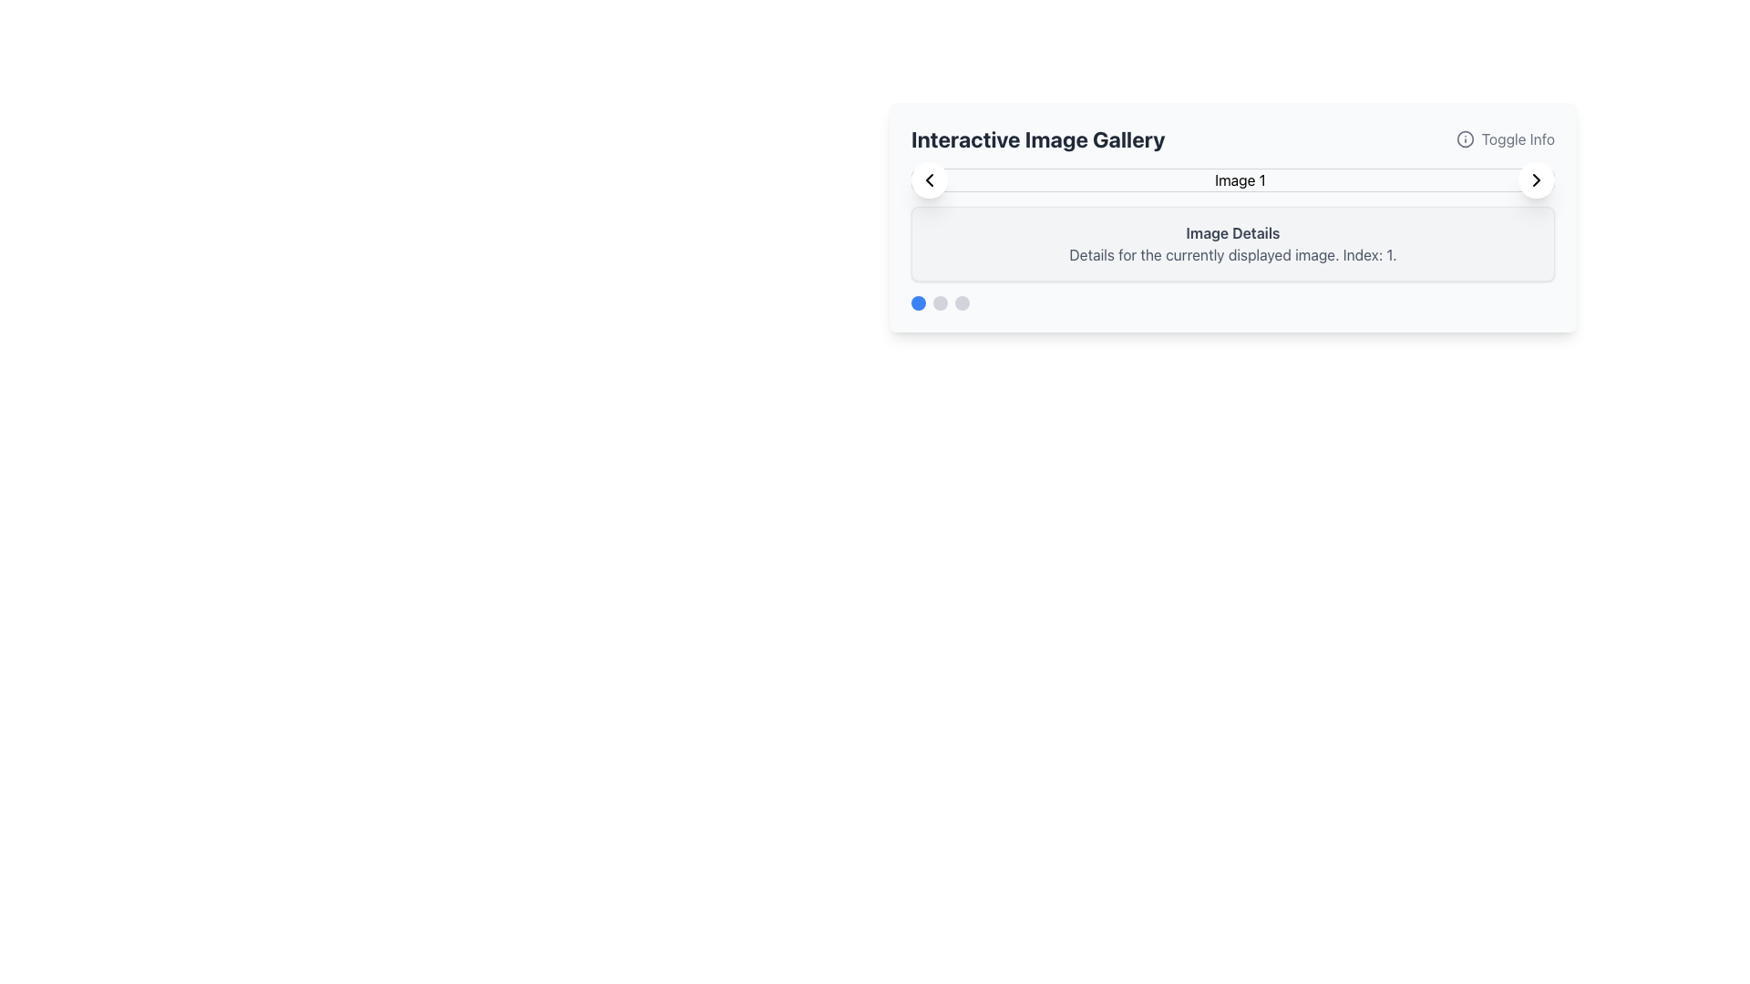 This screenshot has width=1750, height=984. Describe the element at coordinates (929, 179) in the screenshot. I see `the left arrow icon (Chevron) in the navigation bar` at that location.